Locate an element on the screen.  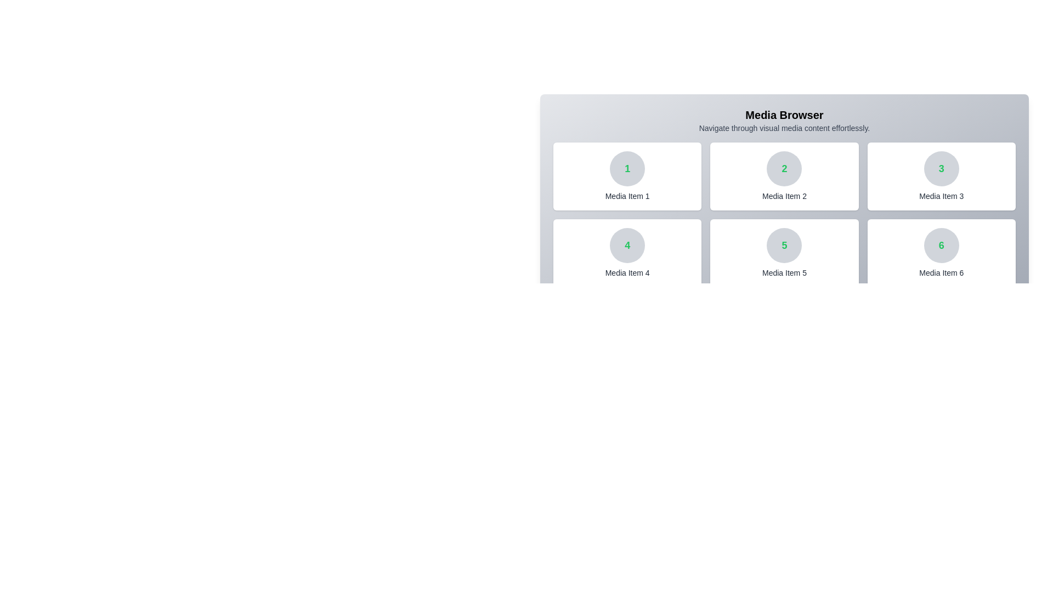
the media item card number 6 located in the second row and third column of the grid is located at coordinates (941, 253).